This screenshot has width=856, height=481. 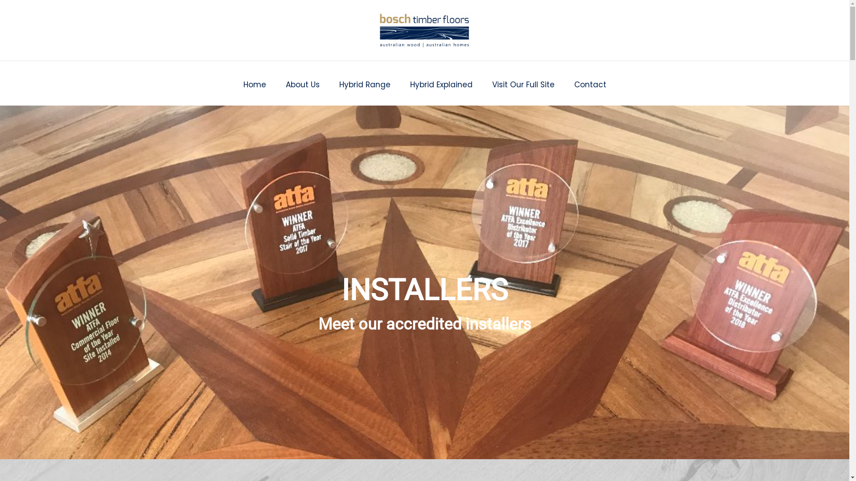 What do you see at coordinates (441, 82) in the screenshot?
I see `'Hybrid Explained'` at bounding box center [441, 82].